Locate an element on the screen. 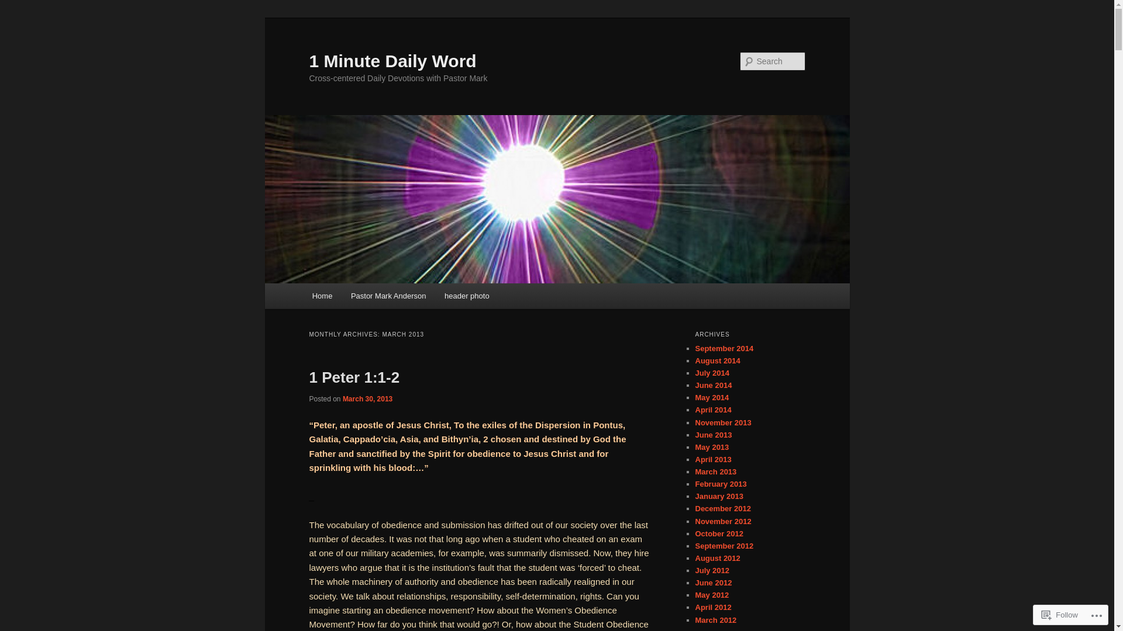 This screenshot has height=631, width=1123. 'December 2012' is located at coordinates (722, 508).